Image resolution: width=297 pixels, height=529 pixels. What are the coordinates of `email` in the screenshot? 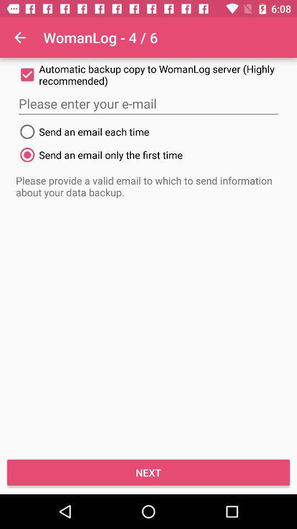 It's located at (148, 104).